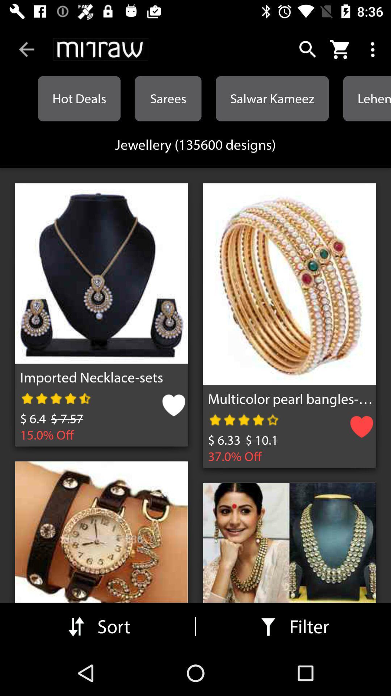  What do you see at coordinates (362, 429) in the screenshot?
I see `red heart icon` at bounding box center [362, 429].